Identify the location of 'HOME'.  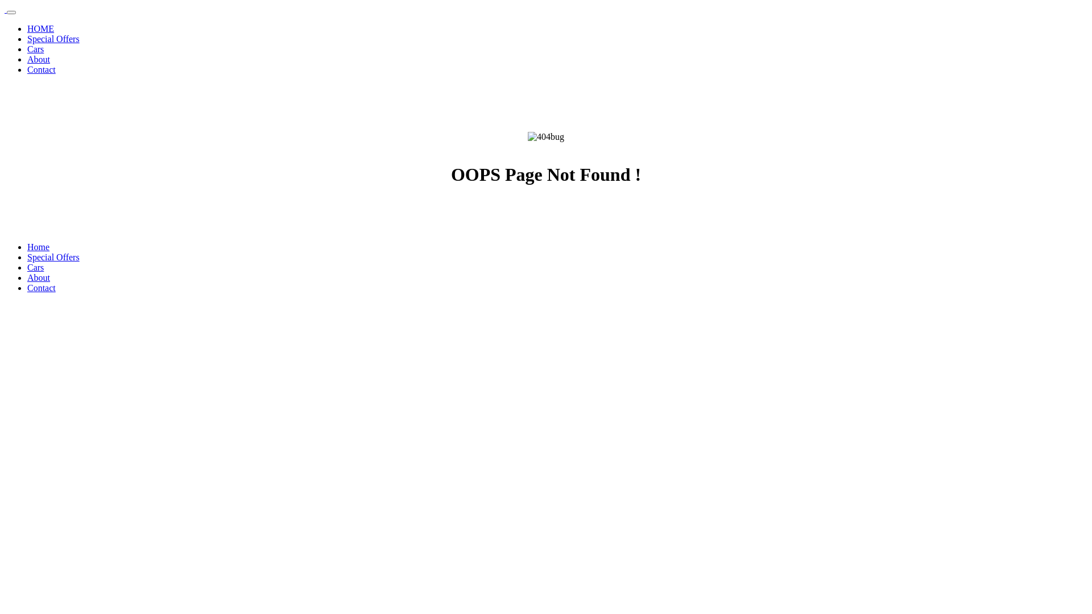
(40, 28).